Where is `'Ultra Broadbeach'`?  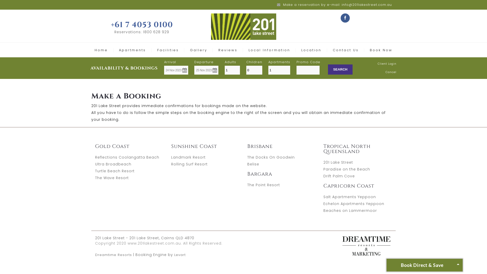
'Ultra Broadbeach' is located at coordinates (113, 164).